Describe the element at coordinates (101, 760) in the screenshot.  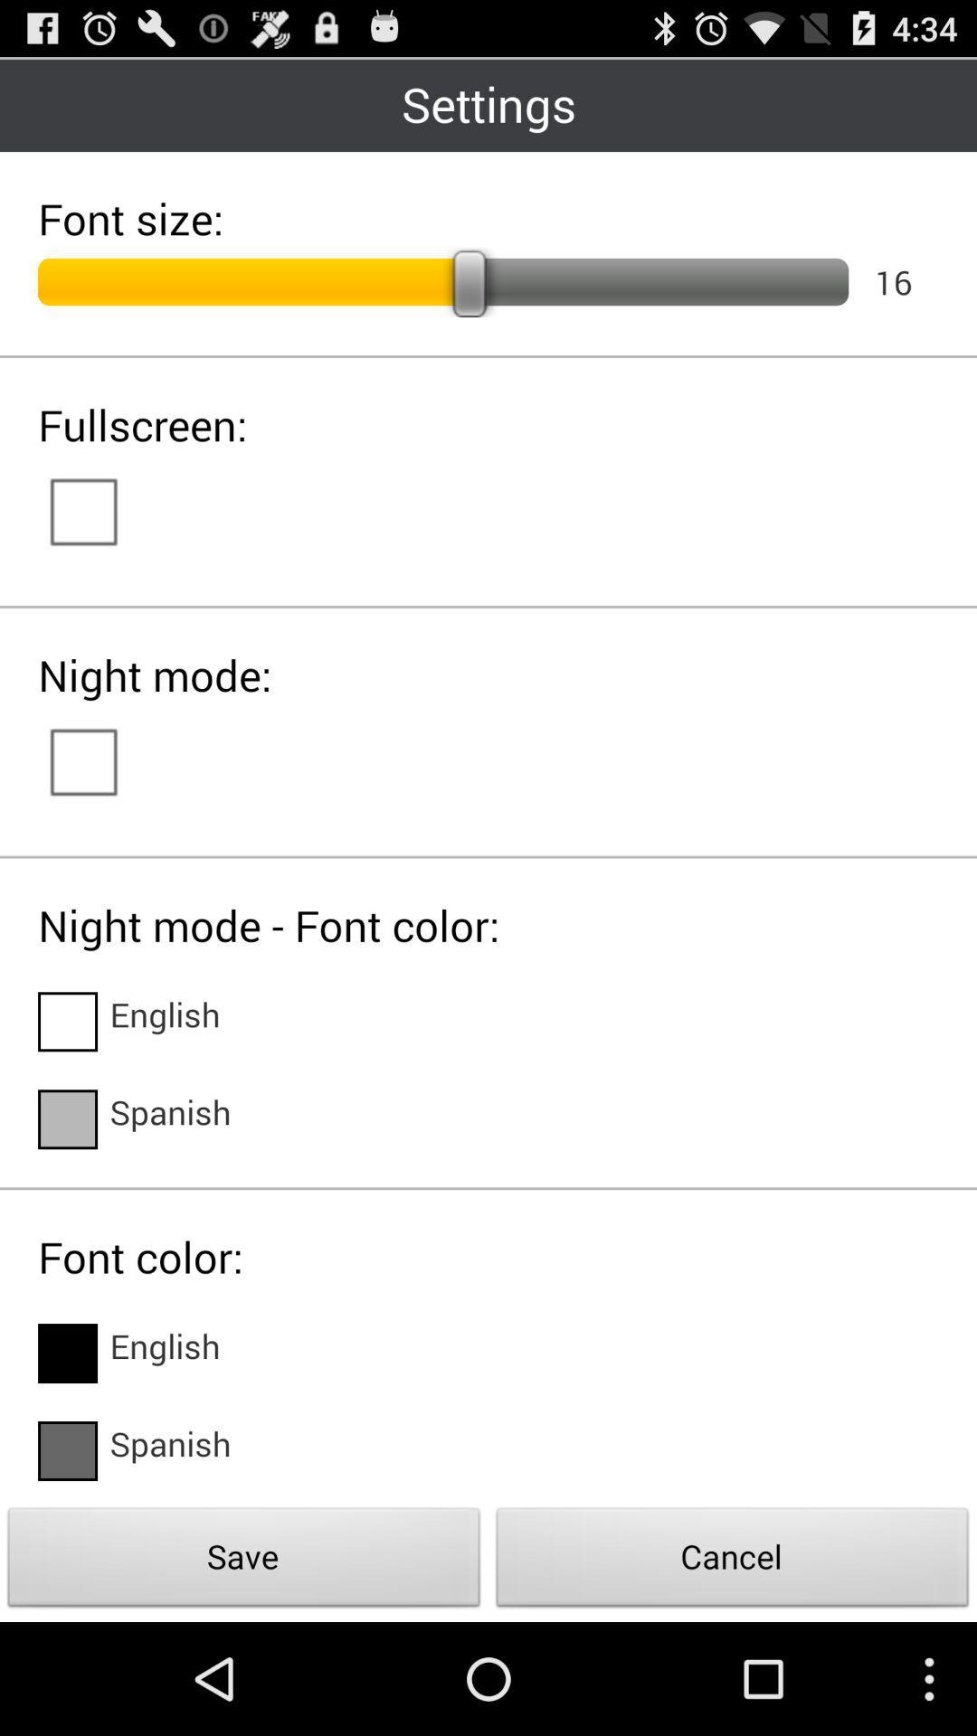
I see `switch autoplay option` at that location.